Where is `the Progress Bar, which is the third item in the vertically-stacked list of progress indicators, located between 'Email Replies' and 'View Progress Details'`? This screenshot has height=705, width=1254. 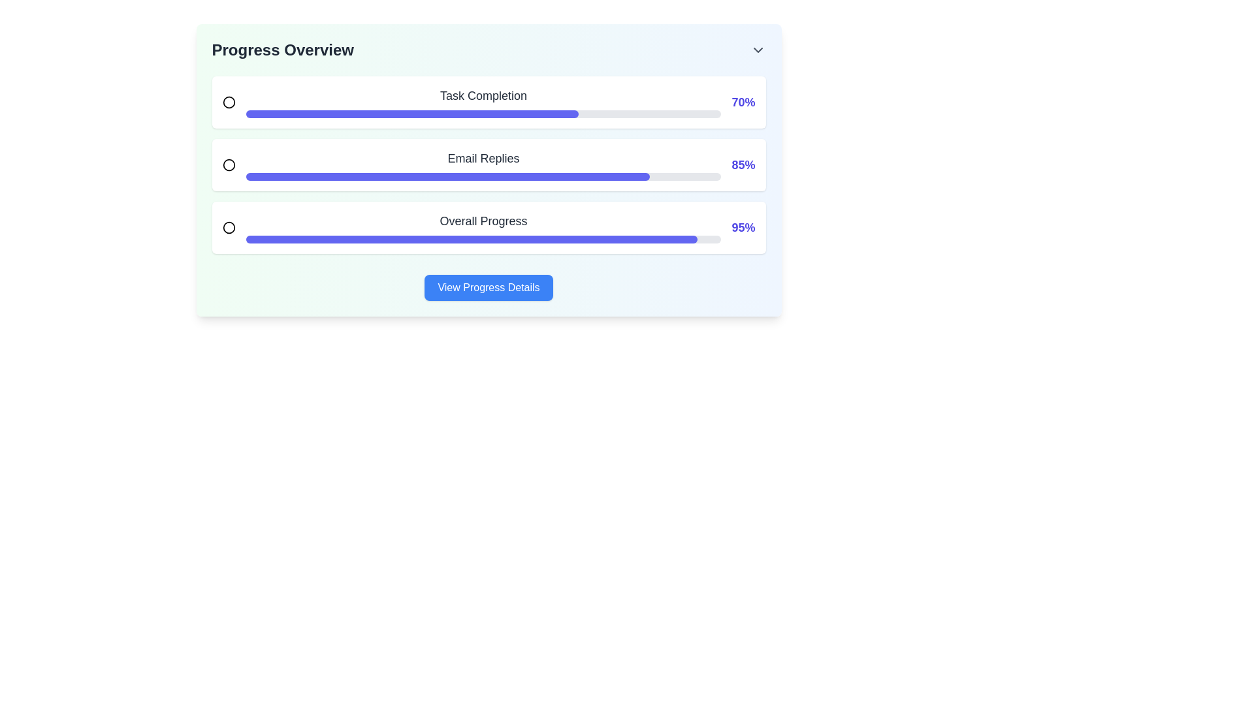 the Progress Bar, which is the third item in the vertically-stacked list of progress indicators, located between 'Email Replies' and 'View Progress Details' is located at coordinates (488, 227).